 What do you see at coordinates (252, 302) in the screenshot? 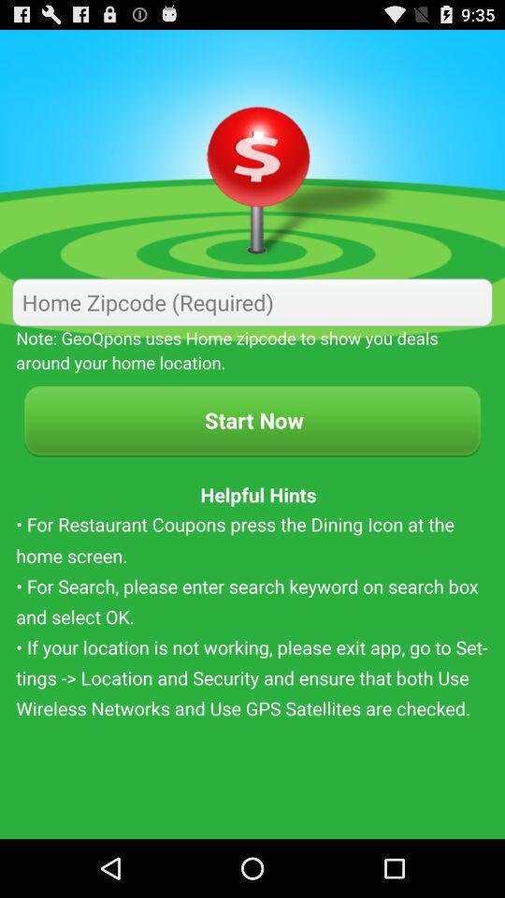
I see `home zipcode` at bounding box center [252, 302].